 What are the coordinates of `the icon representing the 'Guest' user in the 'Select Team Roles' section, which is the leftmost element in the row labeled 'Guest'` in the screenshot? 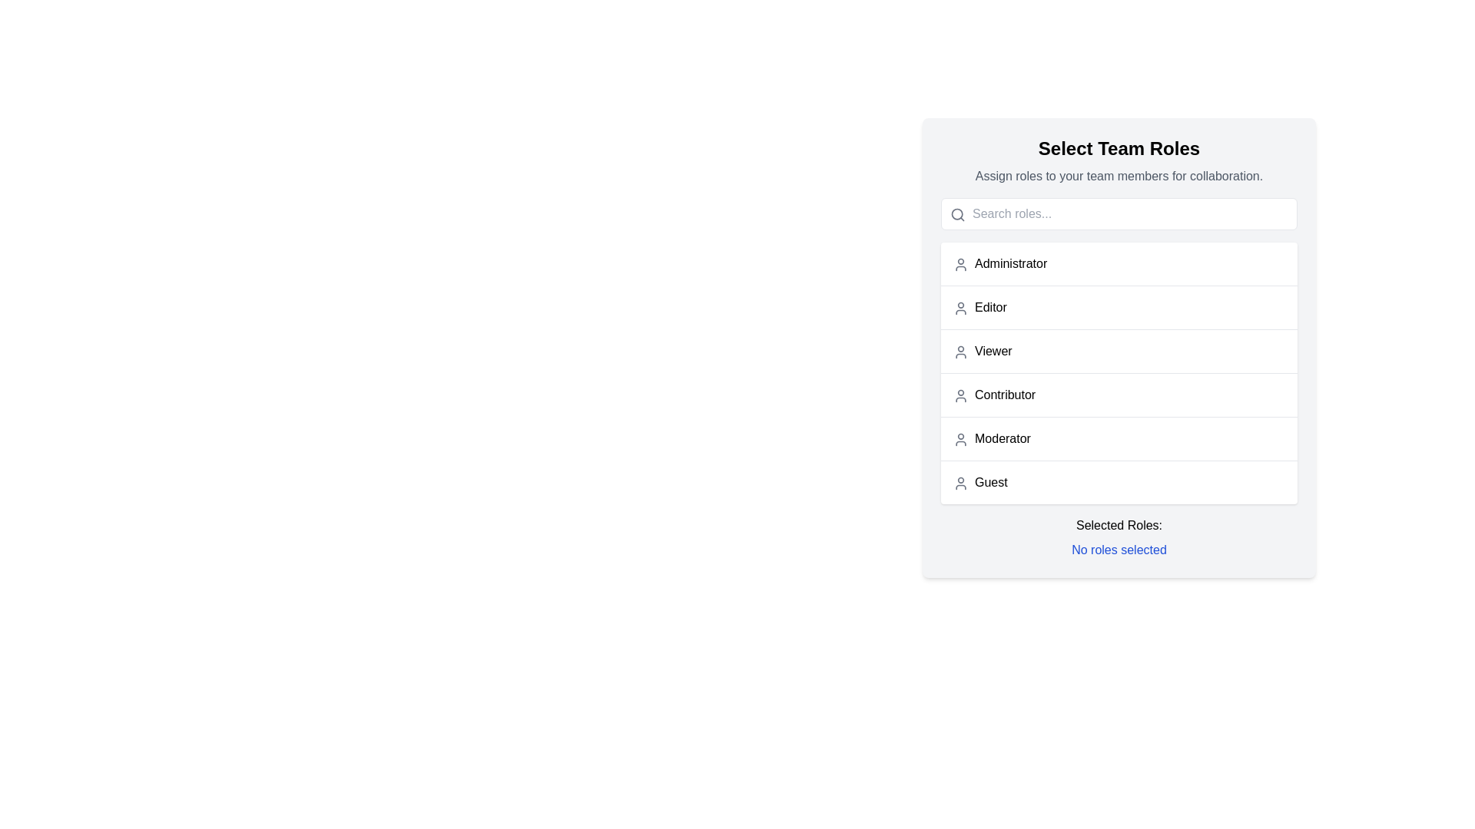 It's located at (960, 481).